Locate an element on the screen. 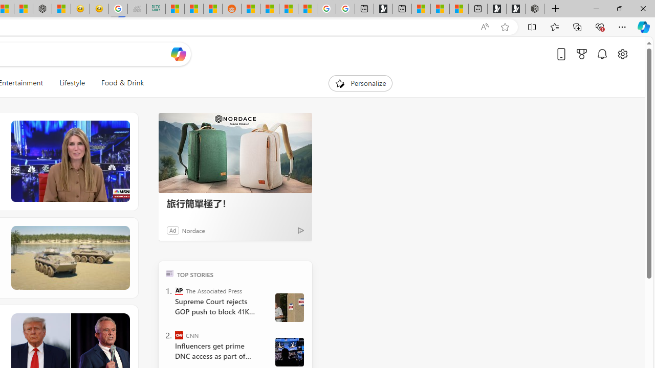 This screenshot has height=368, width=655. 'Notifications' is located at coordinates (602, 54).